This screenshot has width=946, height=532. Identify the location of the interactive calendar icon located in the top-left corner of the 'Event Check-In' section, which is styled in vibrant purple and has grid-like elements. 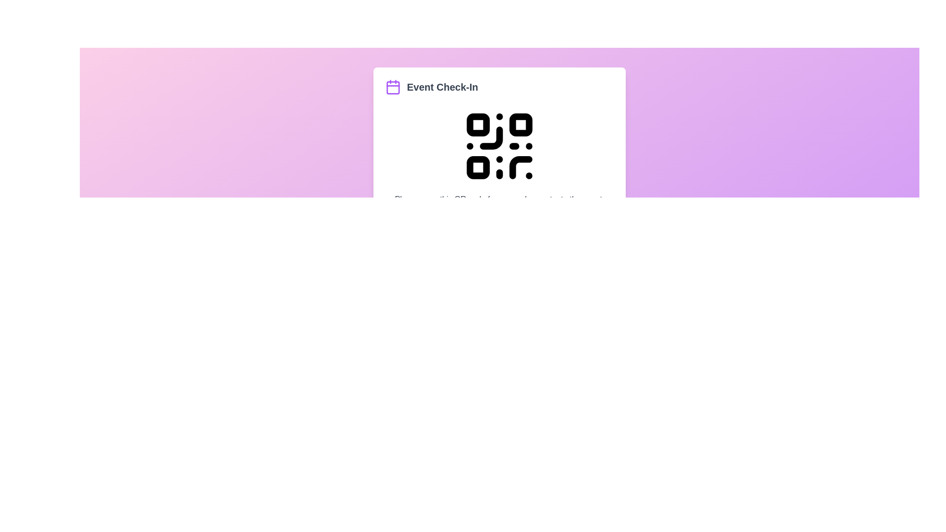
(392, 87).